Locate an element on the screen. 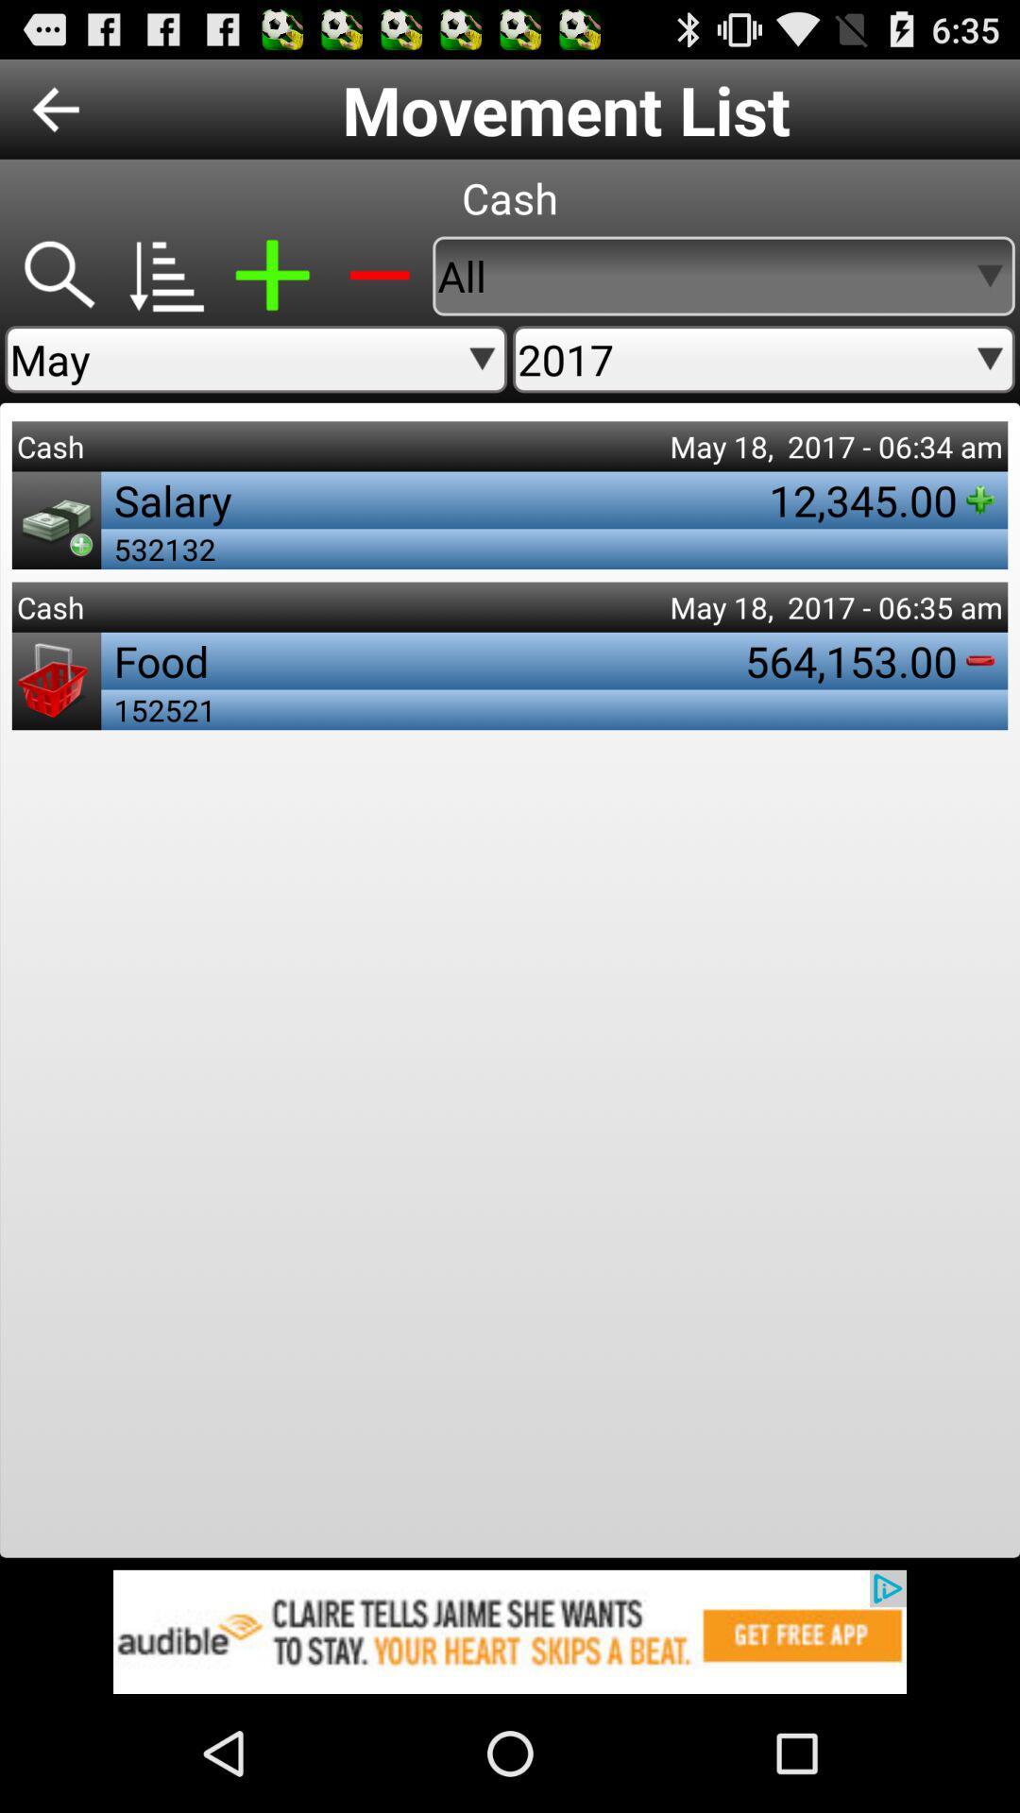 This screenshot has width=1020, height=1813. delete button is located at coordinates (379, 275).